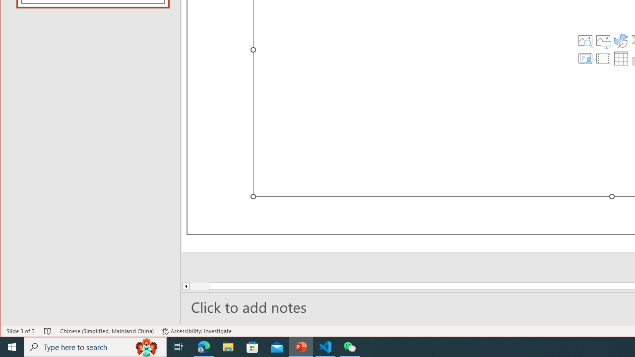 This screenshot has width=635, height=357. I want to click on 'WeChat - 1 running window', so click(350, 346).